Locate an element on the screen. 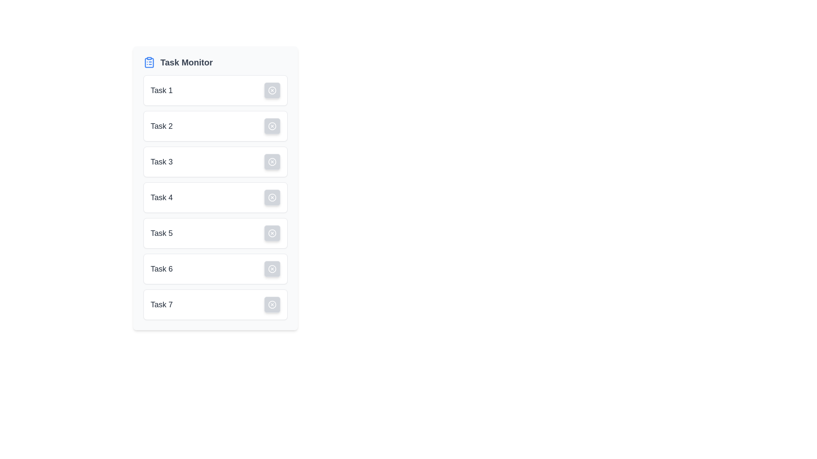  task name displayed in the text label 'Task 5', which is the fifth item in a vertical list of task cards is located at coordinates (161, 233).